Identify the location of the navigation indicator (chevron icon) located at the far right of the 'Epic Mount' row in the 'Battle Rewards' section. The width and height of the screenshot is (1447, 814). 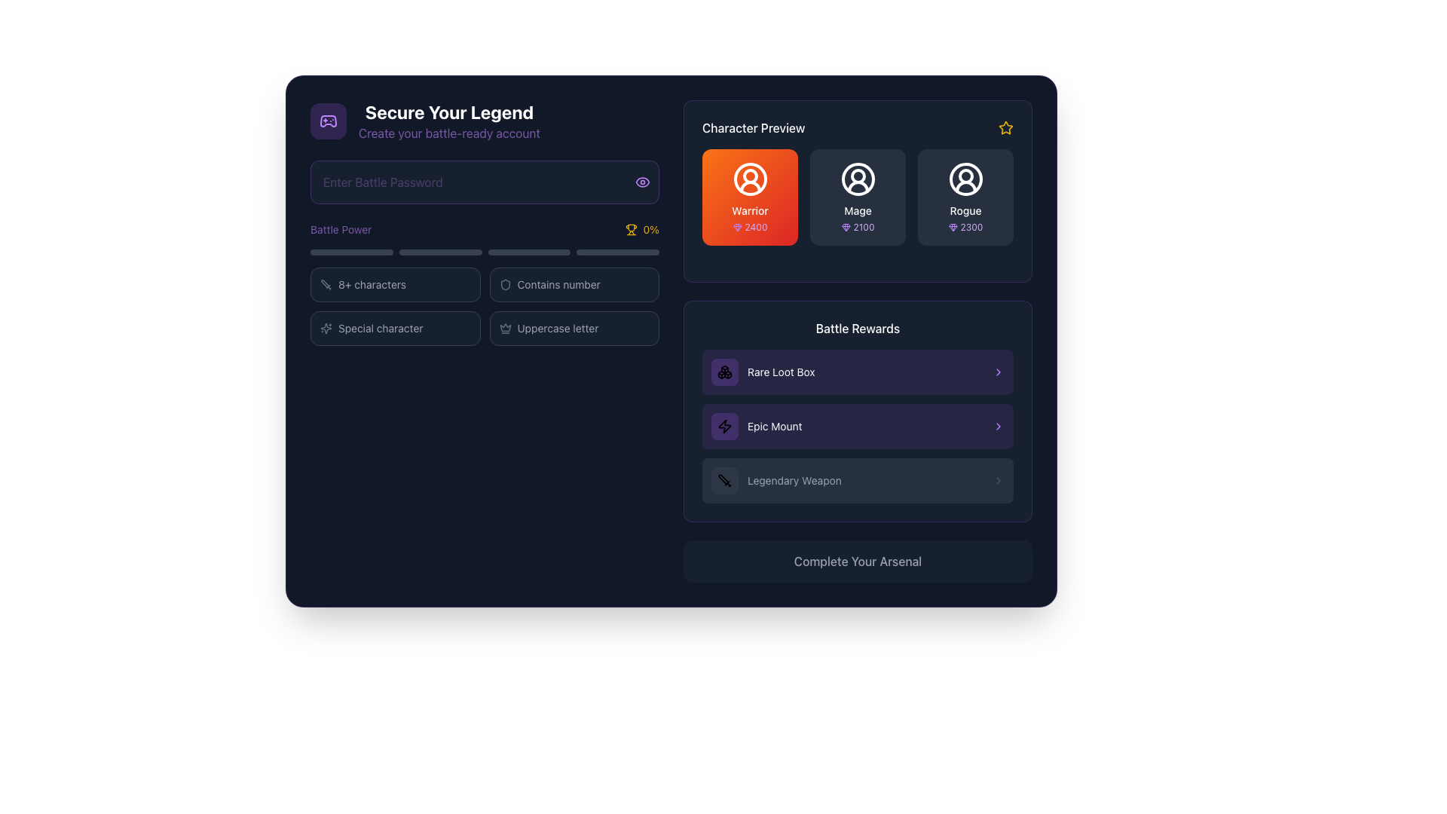
(998, 427).